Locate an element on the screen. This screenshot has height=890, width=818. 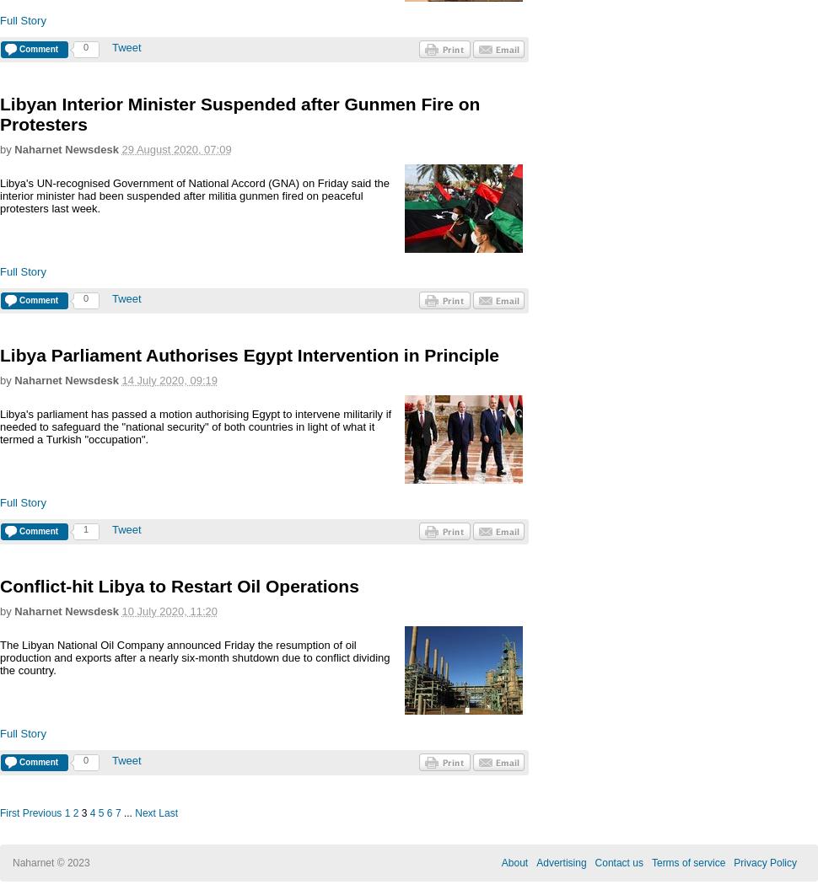
'First' is located at coordinates (9, 812).